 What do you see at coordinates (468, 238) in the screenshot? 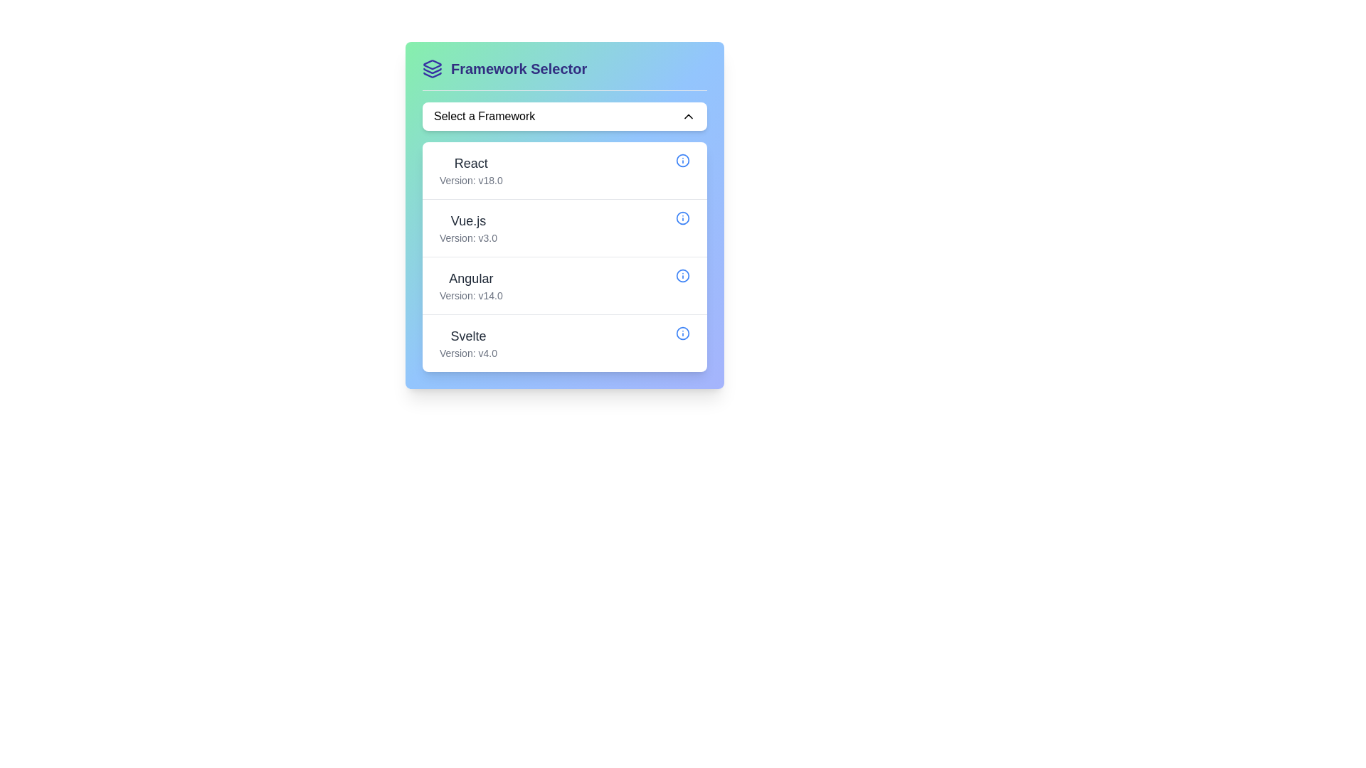
I see `the static text label that reads 'Version: v3.0', which is located below the 'Vue.js' label in the framework selector list` at bounding box center [468, 238].